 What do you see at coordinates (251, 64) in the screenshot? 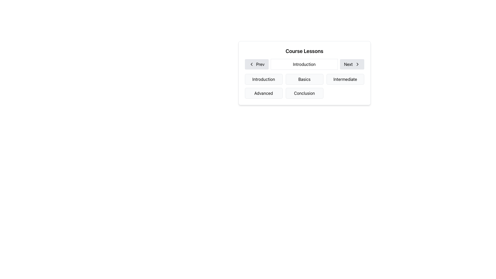
I see `the small, stylized left-facing arrow icon within the 'Prev' button located in the top-left corner of the 'Course Lessons' interface` at bounding box center [251, 64].